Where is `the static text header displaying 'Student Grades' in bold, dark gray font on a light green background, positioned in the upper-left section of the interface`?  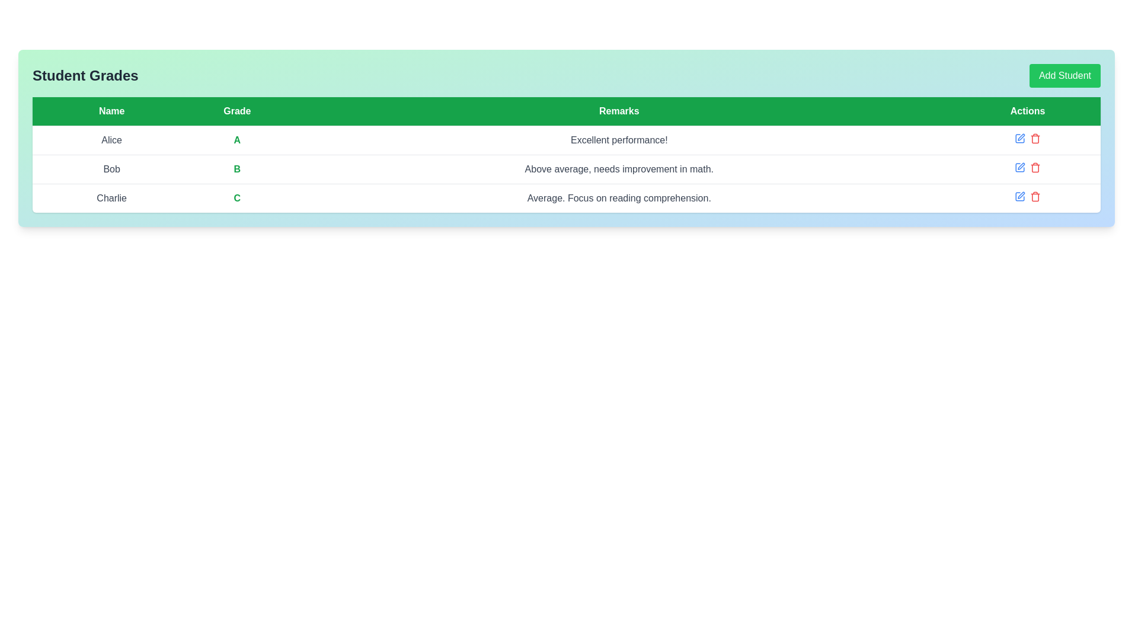 the static text header displaying 'Student Grades' in bold, dark gray font on a light green background, positioned in the upper-left section of the interface is located at coordinates (85, 75).